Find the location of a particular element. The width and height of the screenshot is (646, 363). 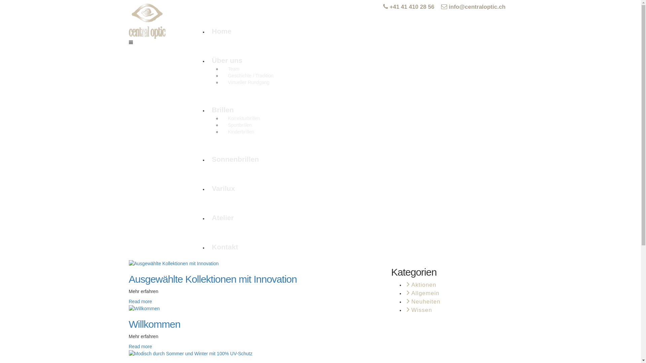

'+41 41 410 28 56' is located at coordinates (408, 7).